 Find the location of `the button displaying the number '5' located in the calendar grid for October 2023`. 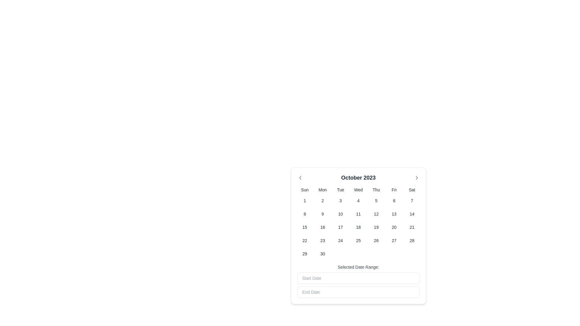

the button displaying the number '5' located in the calendar grid for October 2023 is located at coordinates (376, 200).